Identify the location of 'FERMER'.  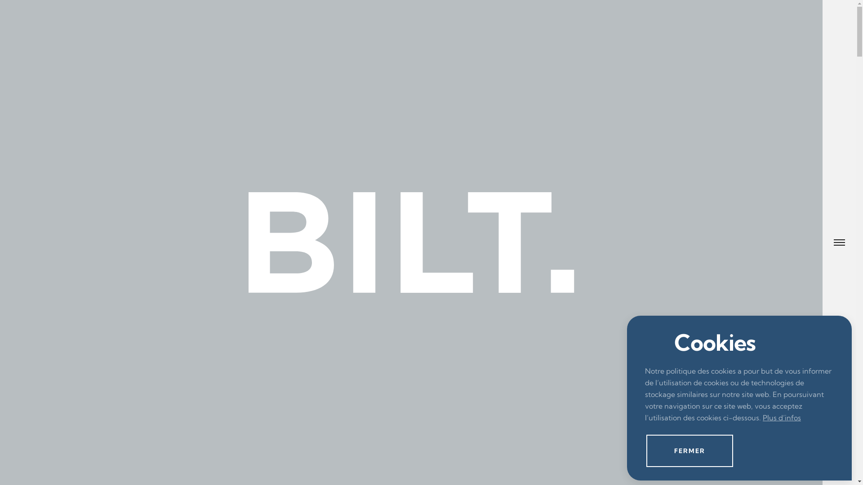
(689, 450).